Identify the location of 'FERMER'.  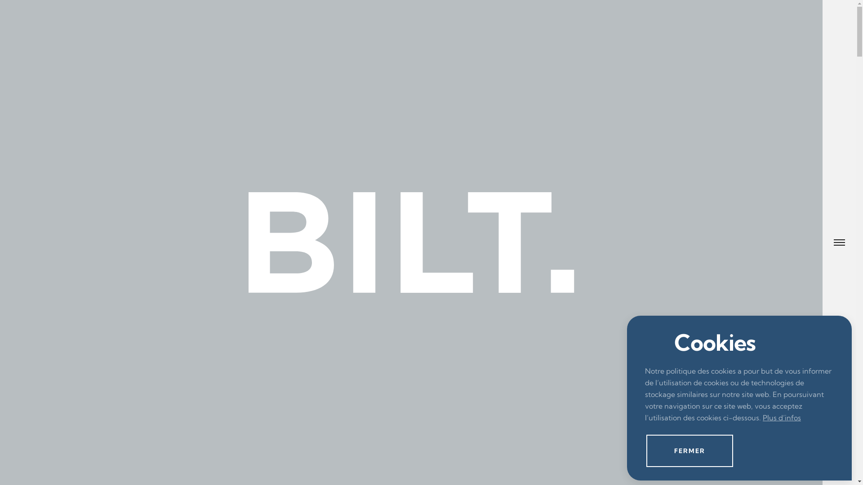
(689, 450).